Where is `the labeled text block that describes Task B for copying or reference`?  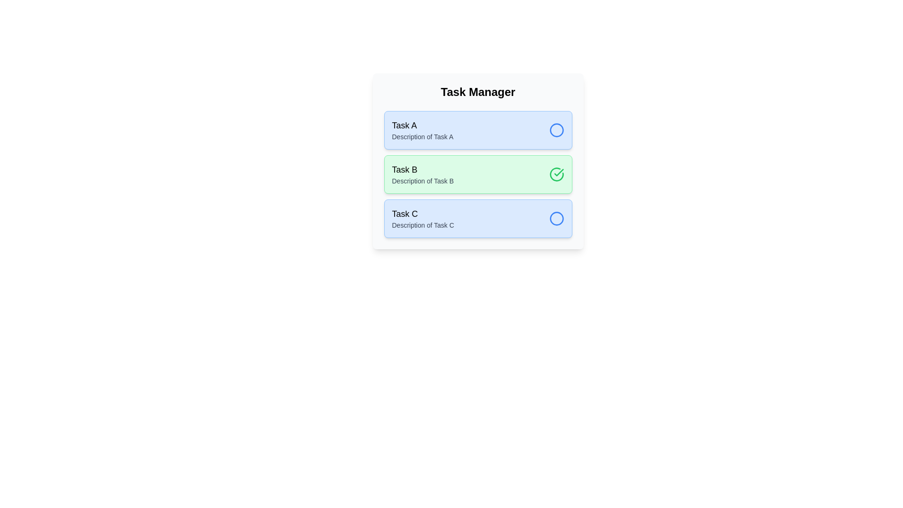
the labeled text block that describes Task B for copying or reference is located at coordinates (422, 174).